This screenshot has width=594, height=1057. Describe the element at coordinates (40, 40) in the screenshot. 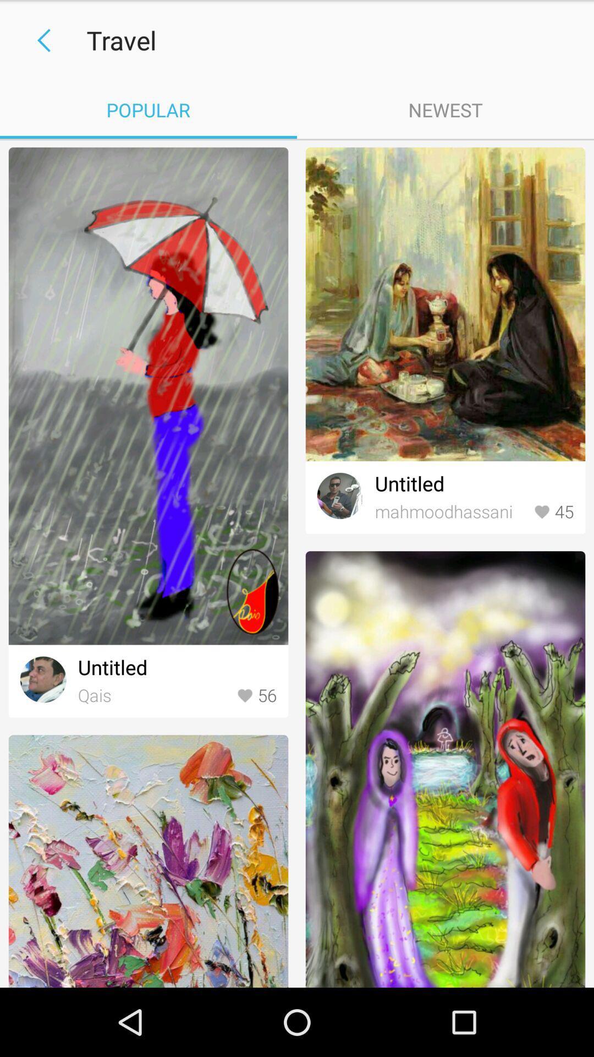

I see `the icon next to travel item` at that location.